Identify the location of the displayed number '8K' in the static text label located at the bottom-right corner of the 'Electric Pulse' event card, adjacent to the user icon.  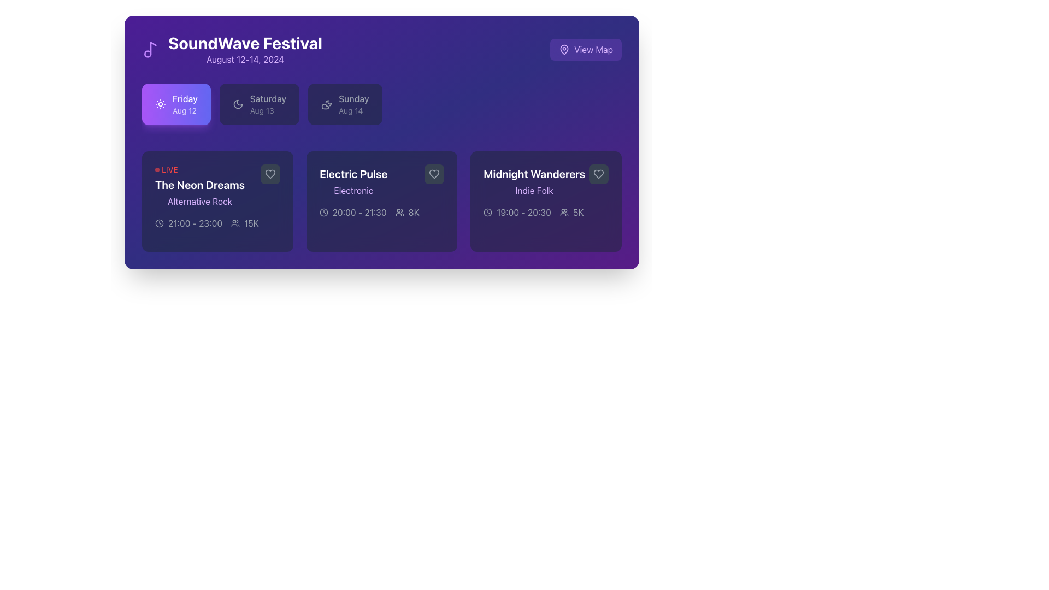
(413, 213).